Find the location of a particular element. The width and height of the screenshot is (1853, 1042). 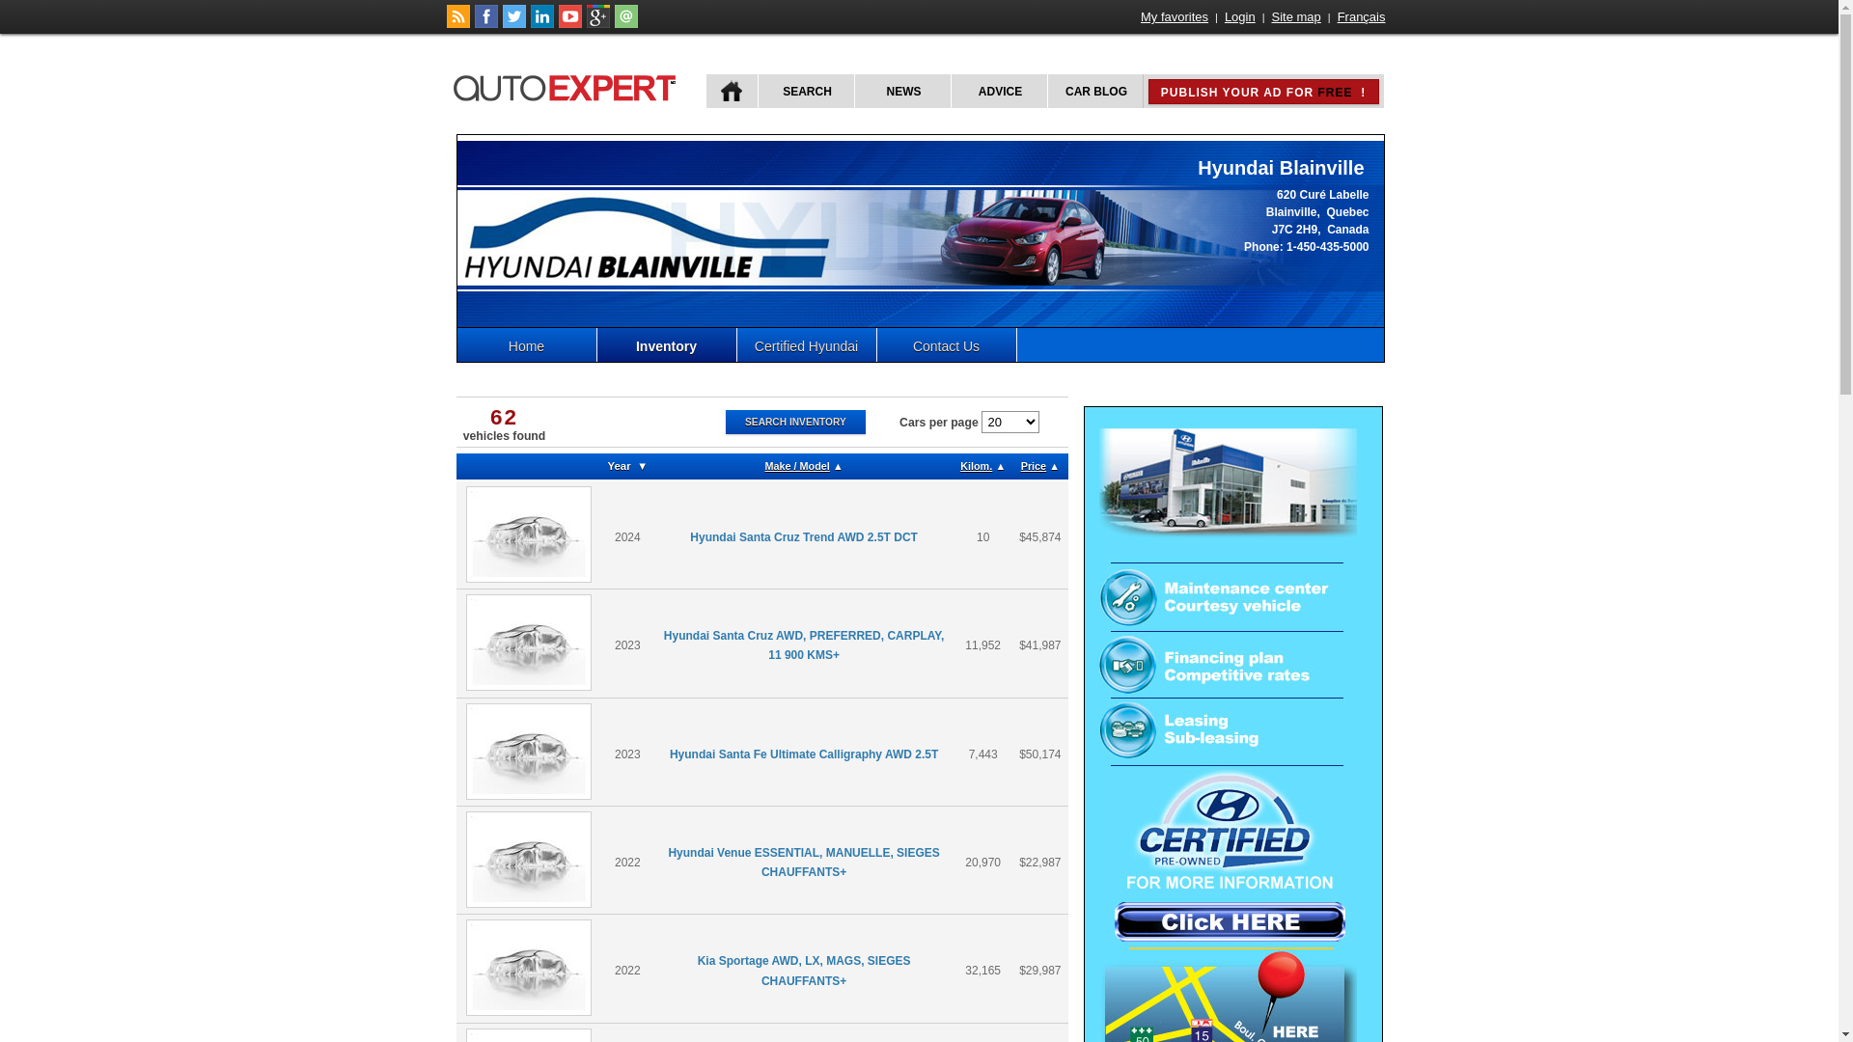

'NEWS' is located at coordinates (900, 91).